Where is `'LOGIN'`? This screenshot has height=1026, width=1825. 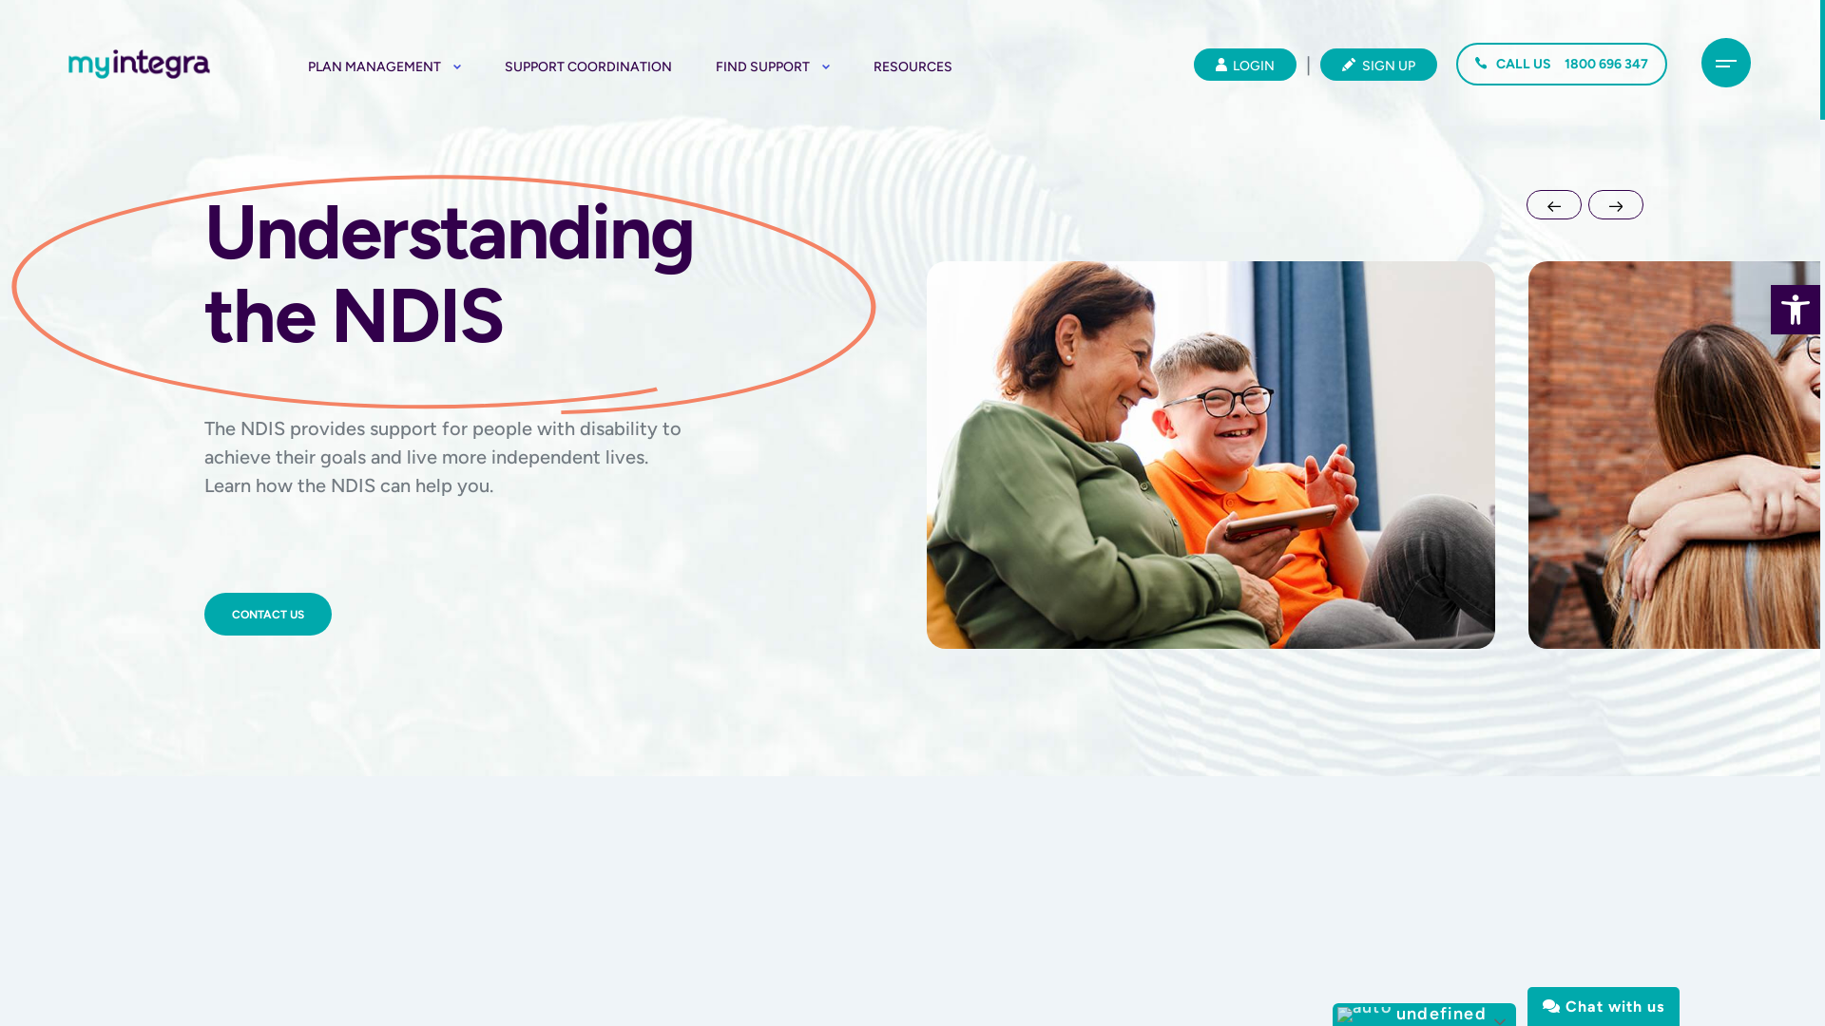 'LOGIN' is located at coordinates (1245, 64).